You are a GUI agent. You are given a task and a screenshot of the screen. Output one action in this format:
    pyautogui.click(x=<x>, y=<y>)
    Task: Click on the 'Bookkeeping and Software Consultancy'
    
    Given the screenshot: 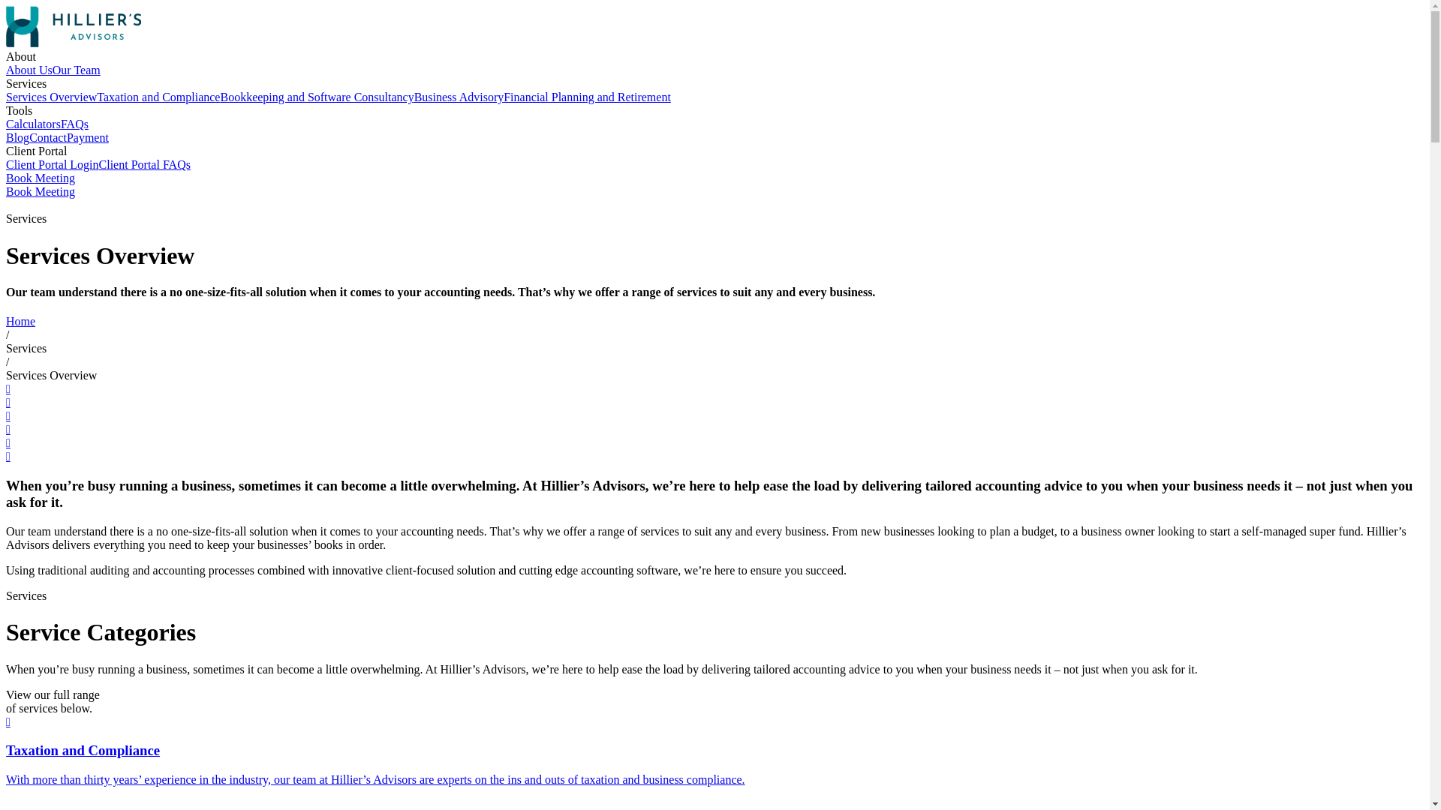 What is the action you would take?
    pyautogui.click(x=316, y=97)
    